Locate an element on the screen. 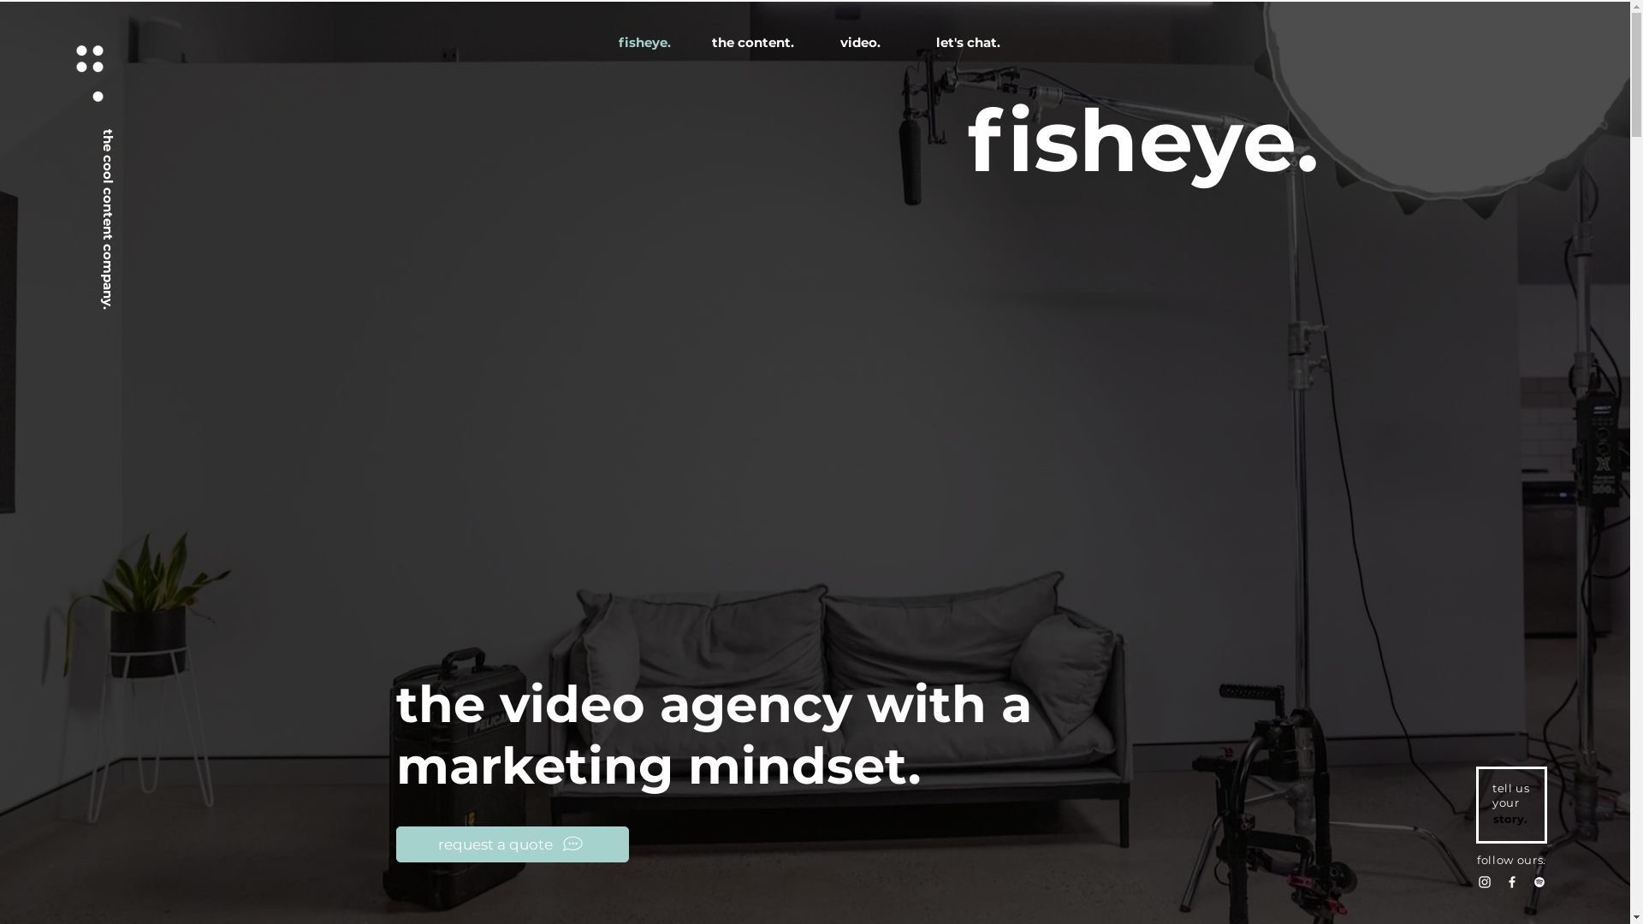 This screenshot has width=1643, height=924. 'the content.' is located at coordinates (751, 42).